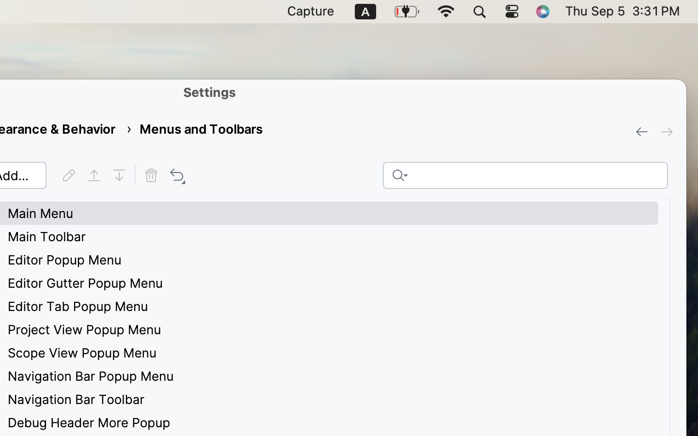 The image size is (698, 436). Describe the element at coordinates (210, 92) in the screenshot. I see `'Settings'` at that location.